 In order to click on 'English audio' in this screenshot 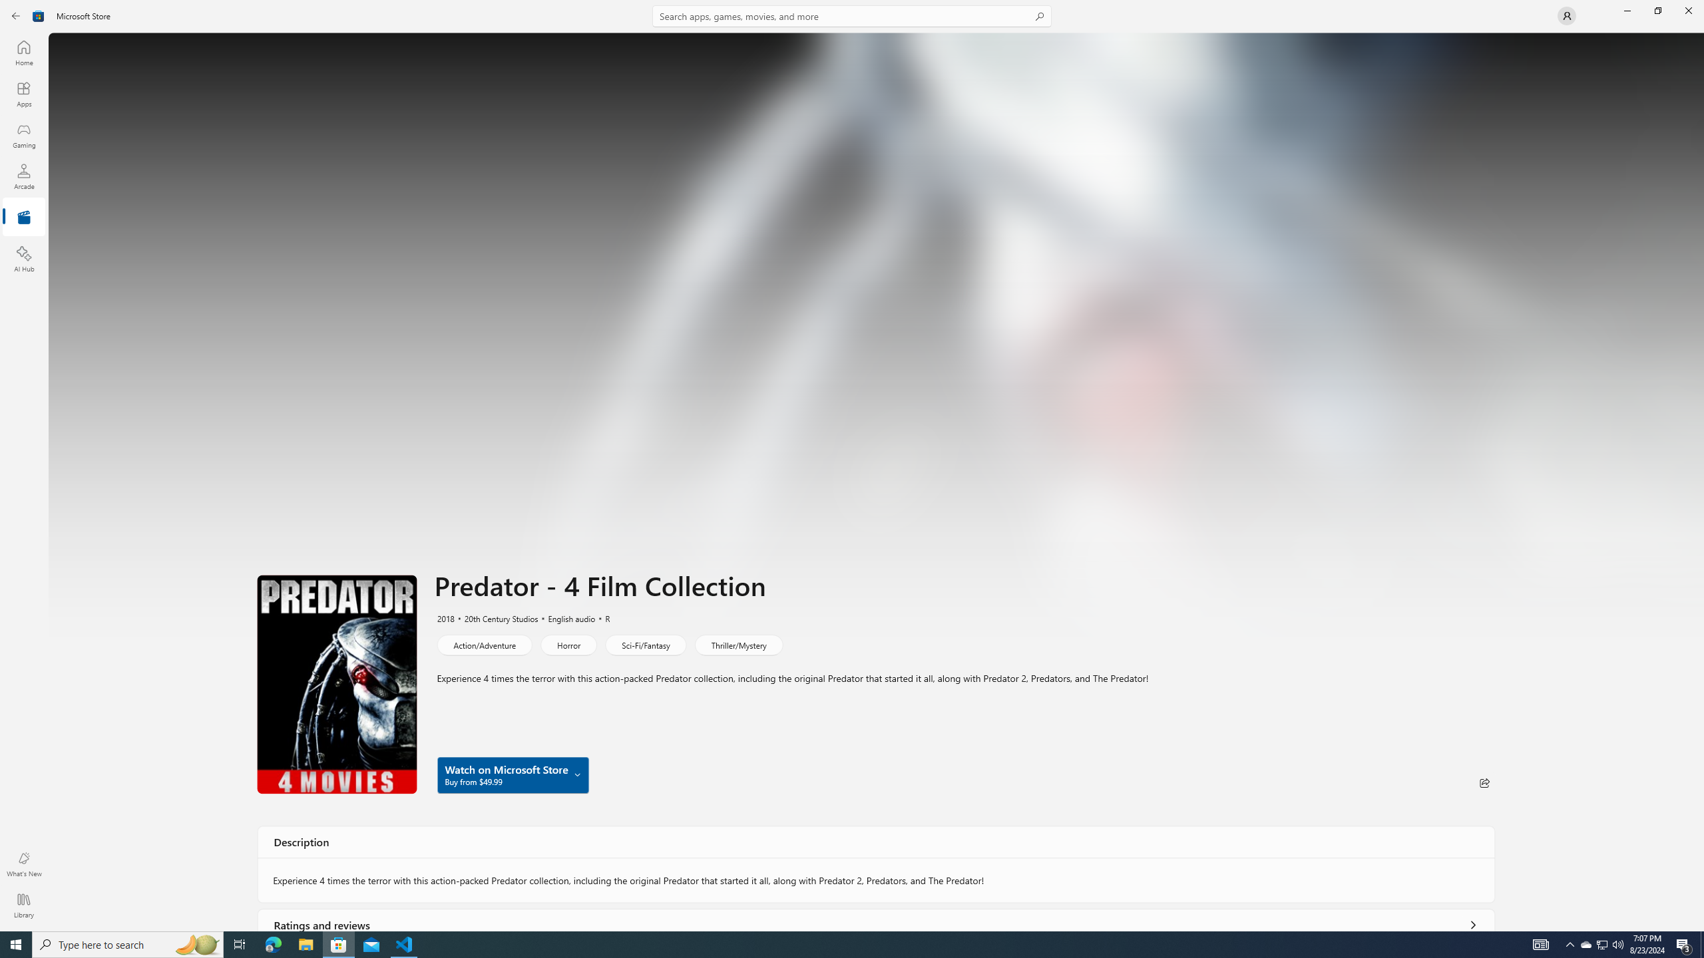, I will do `click(566, 617)`.